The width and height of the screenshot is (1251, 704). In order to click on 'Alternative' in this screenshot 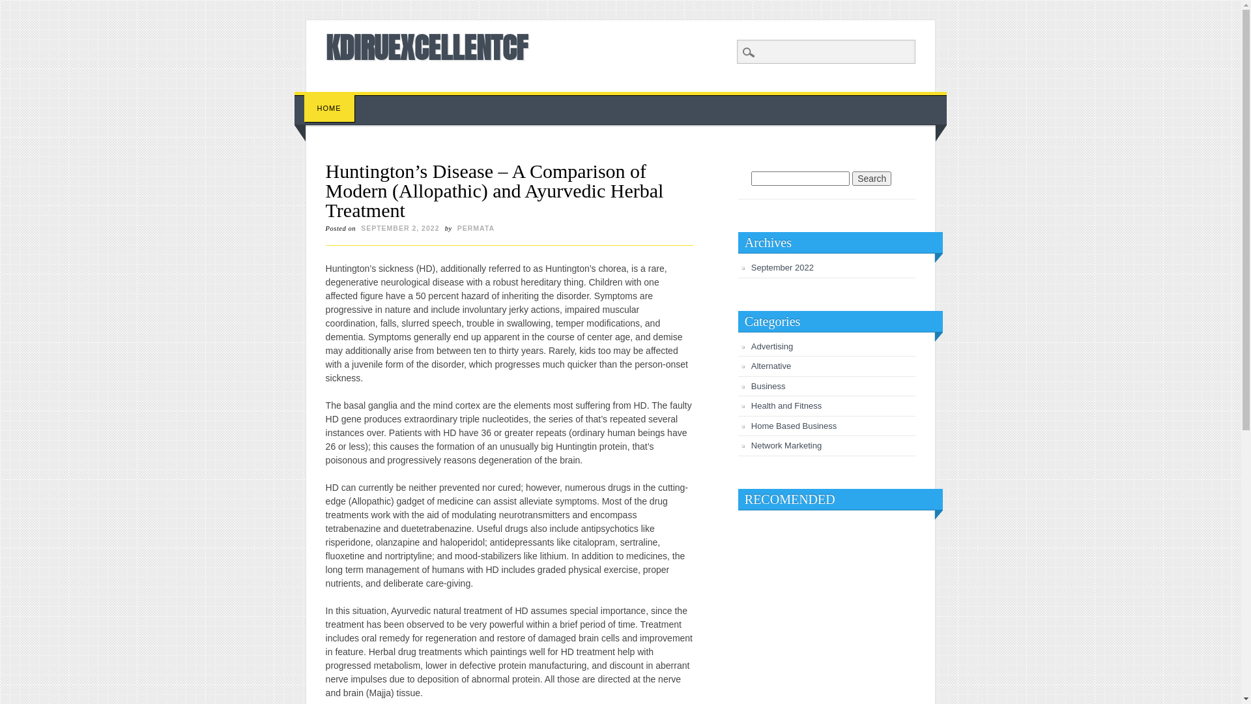, I will do `click(751, 366)`.